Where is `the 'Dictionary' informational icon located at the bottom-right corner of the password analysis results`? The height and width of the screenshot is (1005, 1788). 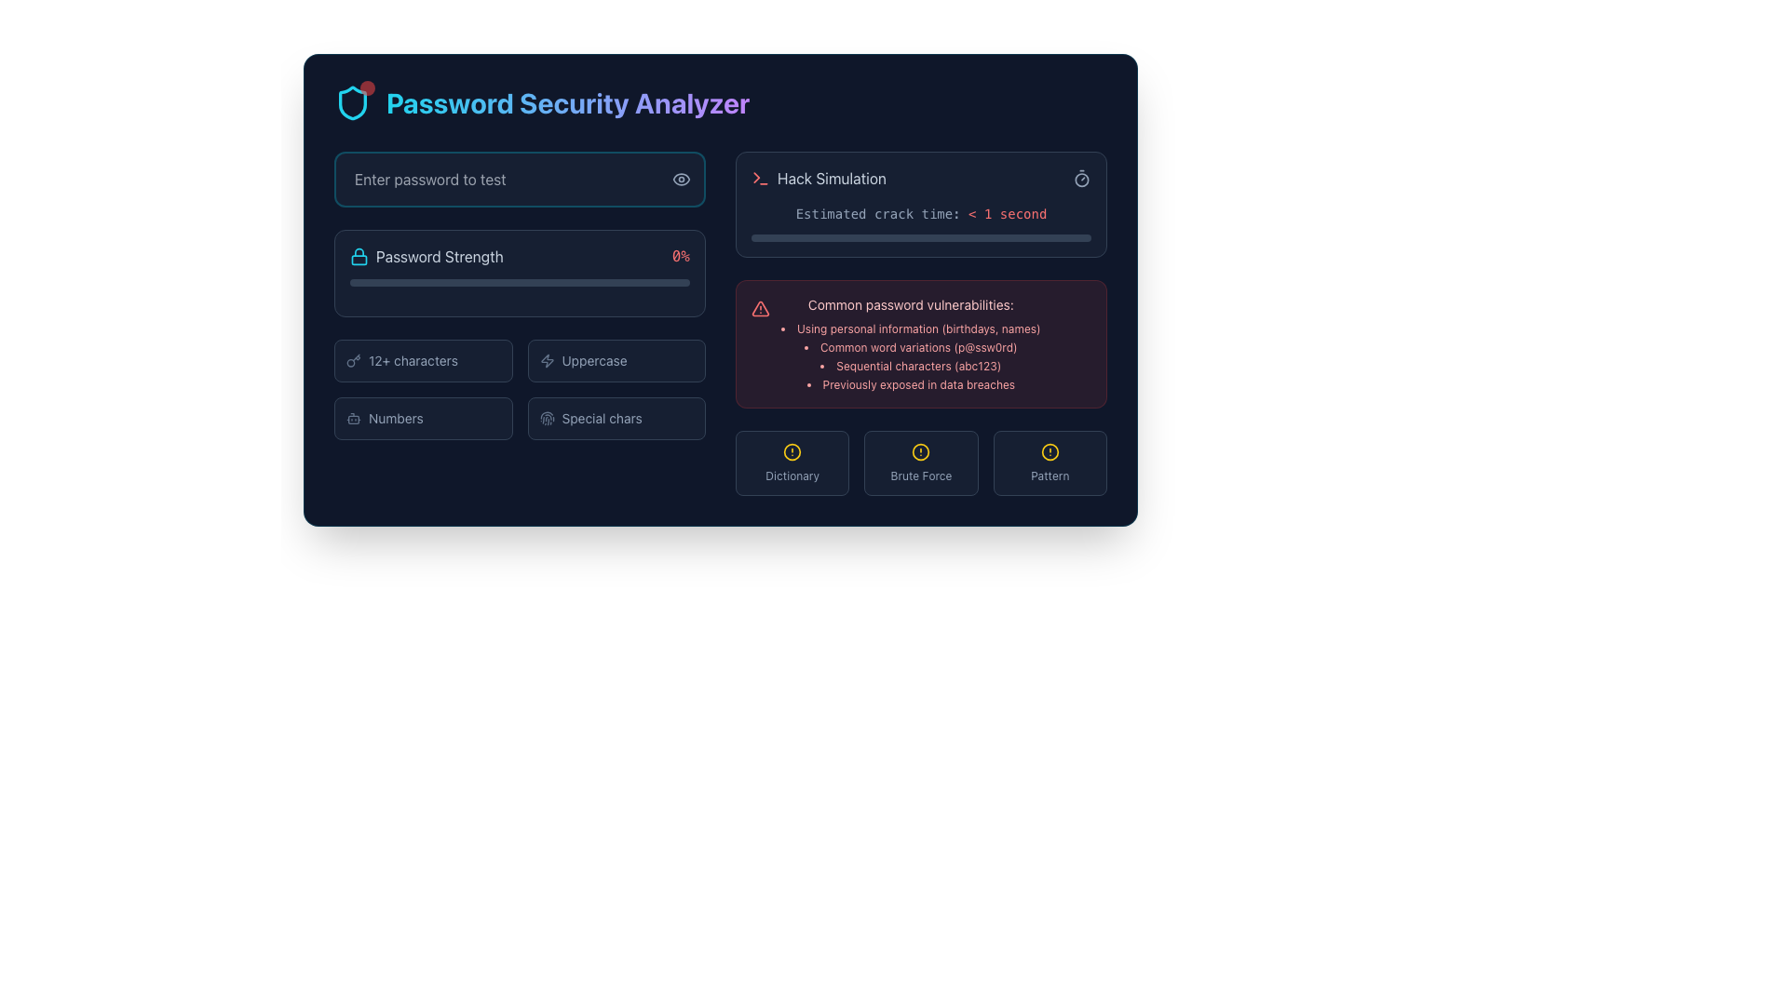
the 'Dictionary' informational icon located at the bottom-right corner of the password analysis results is located at coordinates (792, 462).